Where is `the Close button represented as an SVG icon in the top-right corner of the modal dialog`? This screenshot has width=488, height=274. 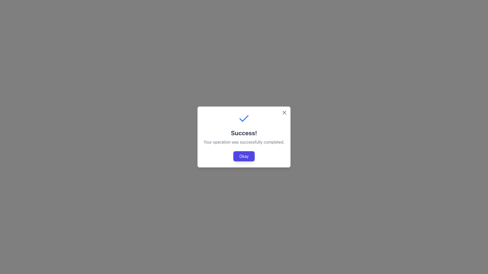 the Close button represented as an SVG icon in the top-right corner of the modal dialog is located at coordinates (284, 112).